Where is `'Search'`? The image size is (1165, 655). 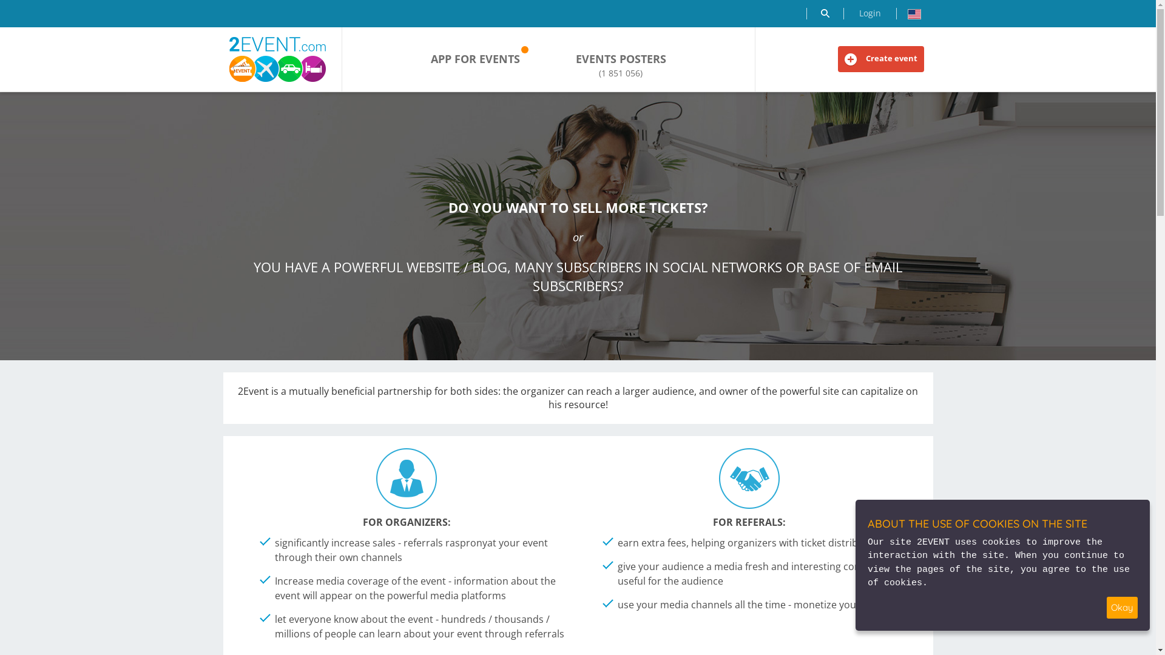 'Search' is located at coordinates (824, 13).